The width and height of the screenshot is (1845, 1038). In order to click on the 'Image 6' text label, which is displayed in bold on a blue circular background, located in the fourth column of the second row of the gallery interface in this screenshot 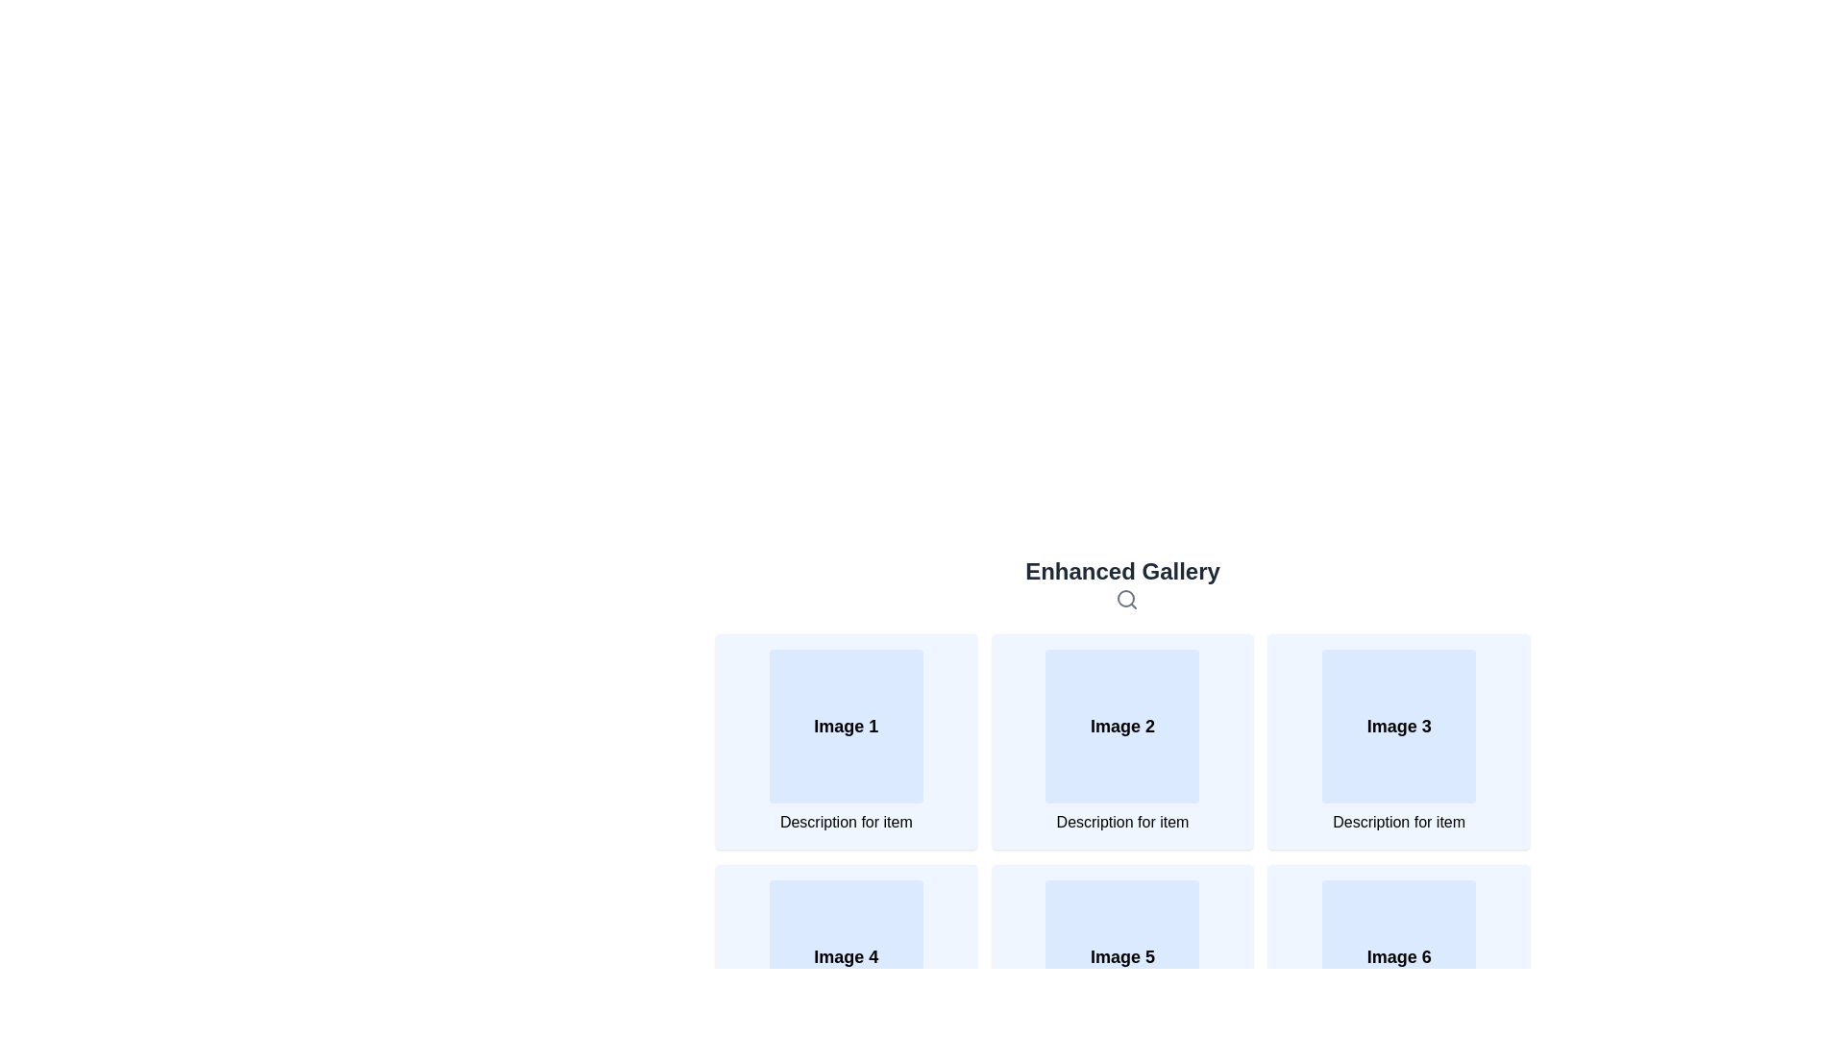, I will do `click(1399, 956)`.